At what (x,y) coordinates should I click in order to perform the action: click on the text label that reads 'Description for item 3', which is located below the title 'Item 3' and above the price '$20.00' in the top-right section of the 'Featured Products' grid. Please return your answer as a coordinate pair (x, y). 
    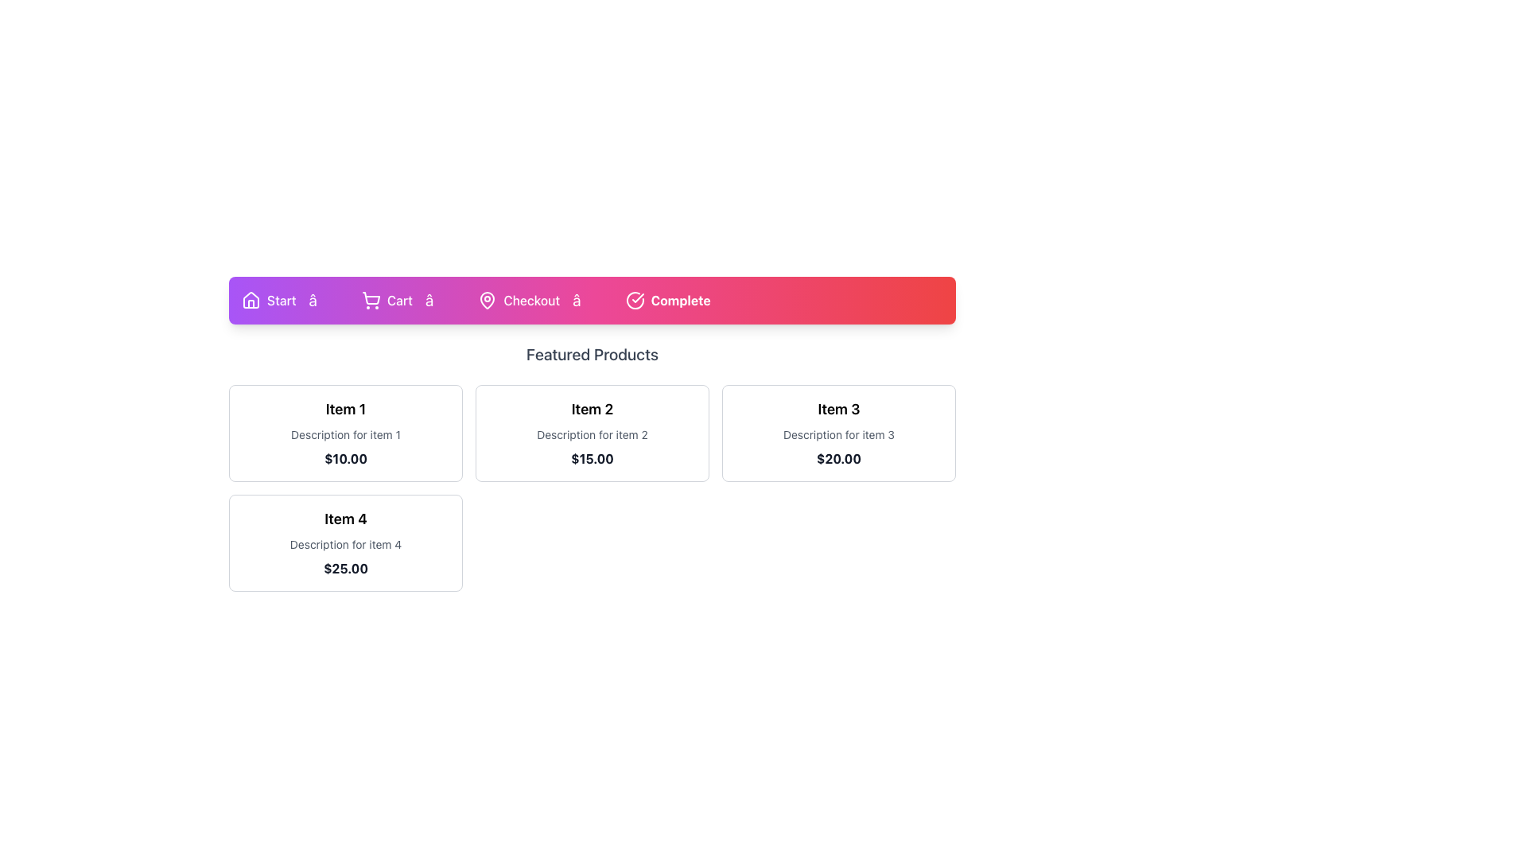
    Looking at the image, I should click on (838, 435).